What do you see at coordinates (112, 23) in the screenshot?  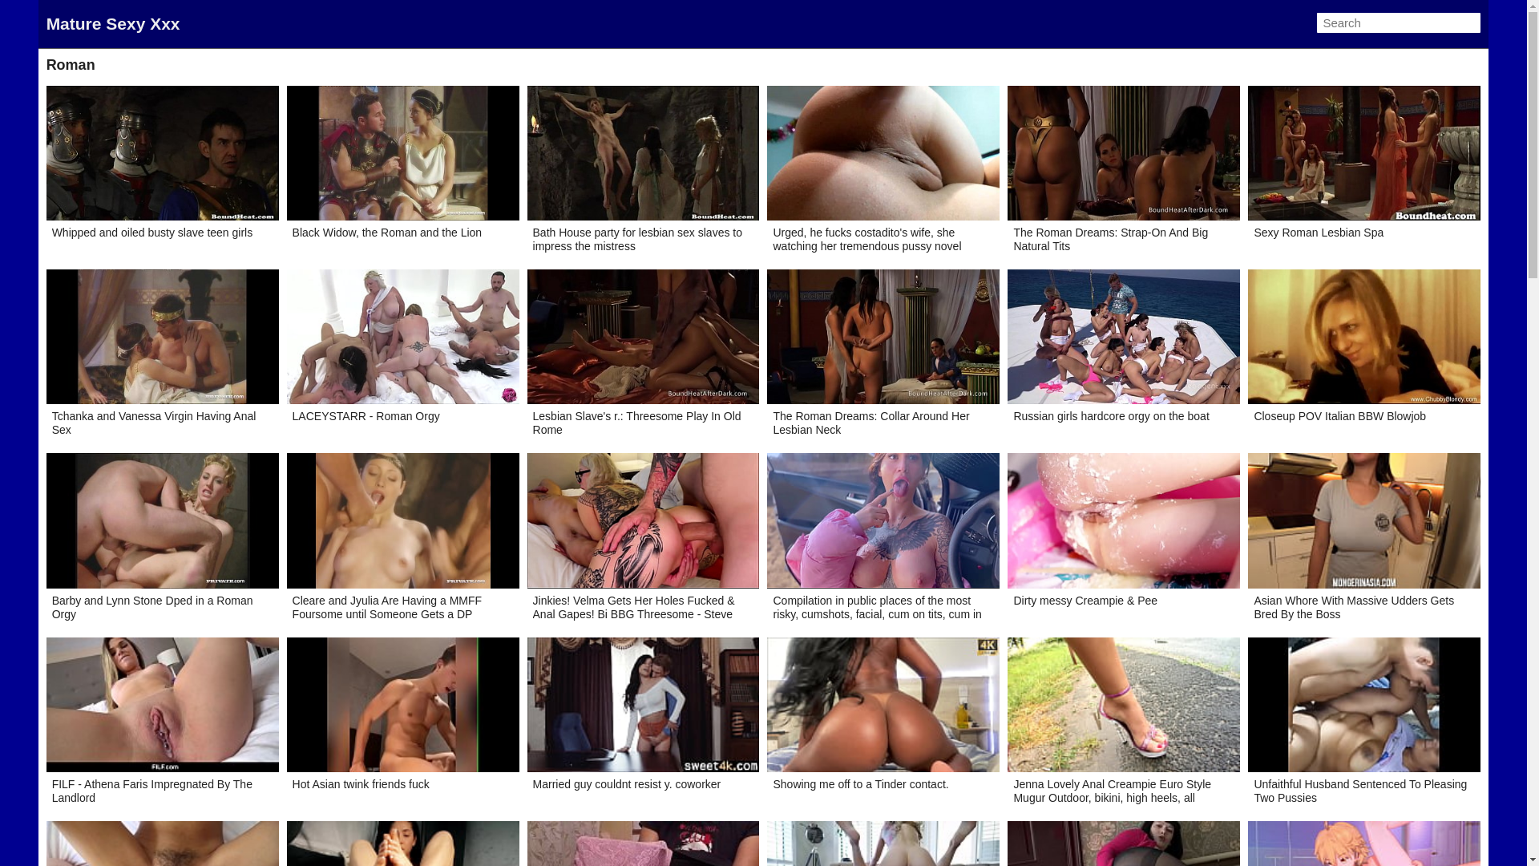 I see `'Mature Sexy Xxx'` at bounding box center [112, 23].